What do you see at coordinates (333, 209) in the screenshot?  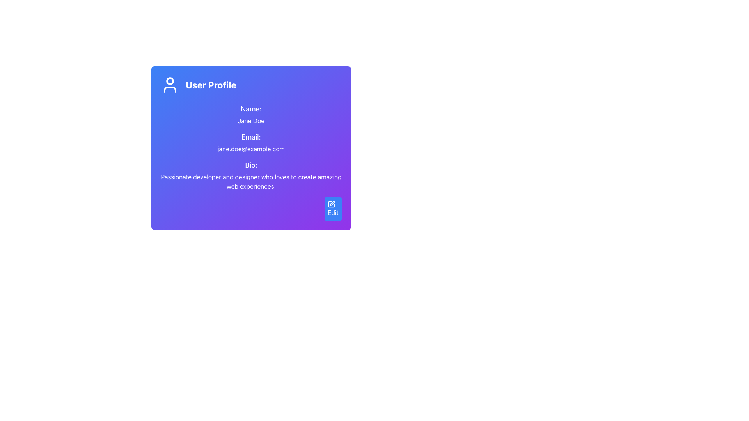 I see `the Edit button located in the bottom-right corner of the user profile card to change its background color` at bounding box center [333, 209].